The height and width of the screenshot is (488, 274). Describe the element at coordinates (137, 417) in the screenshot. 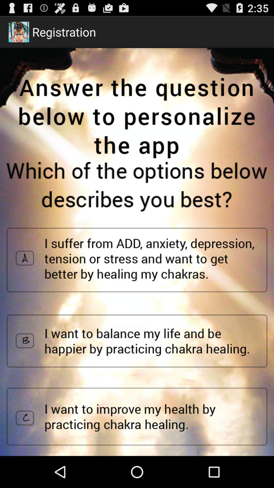

I see `choose c` at that location.